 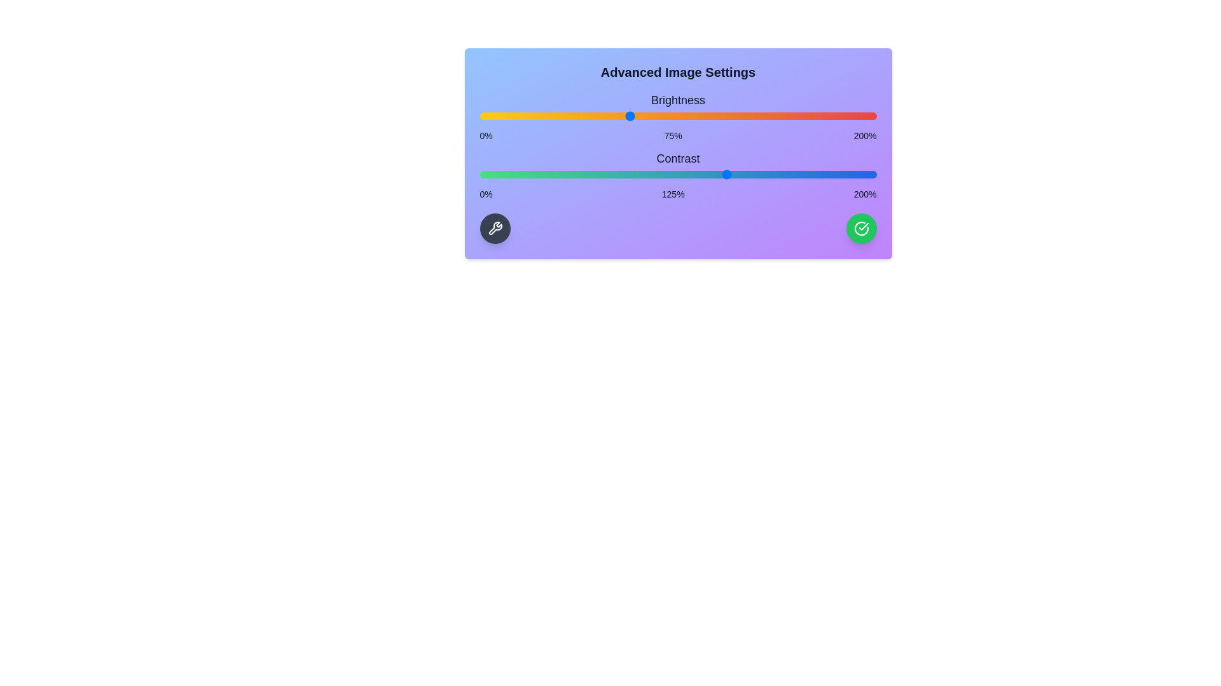 I want to click on the brightness slider to 150%, so click(x=776, y=116).